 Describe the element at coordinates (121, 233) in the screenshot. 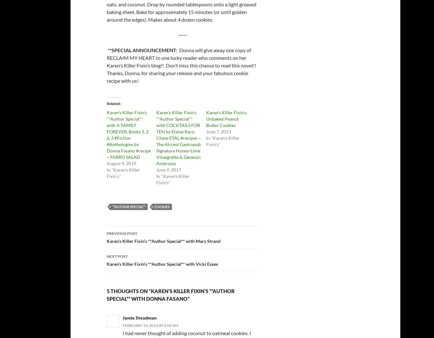

I see `'Previous Post'` at that location.